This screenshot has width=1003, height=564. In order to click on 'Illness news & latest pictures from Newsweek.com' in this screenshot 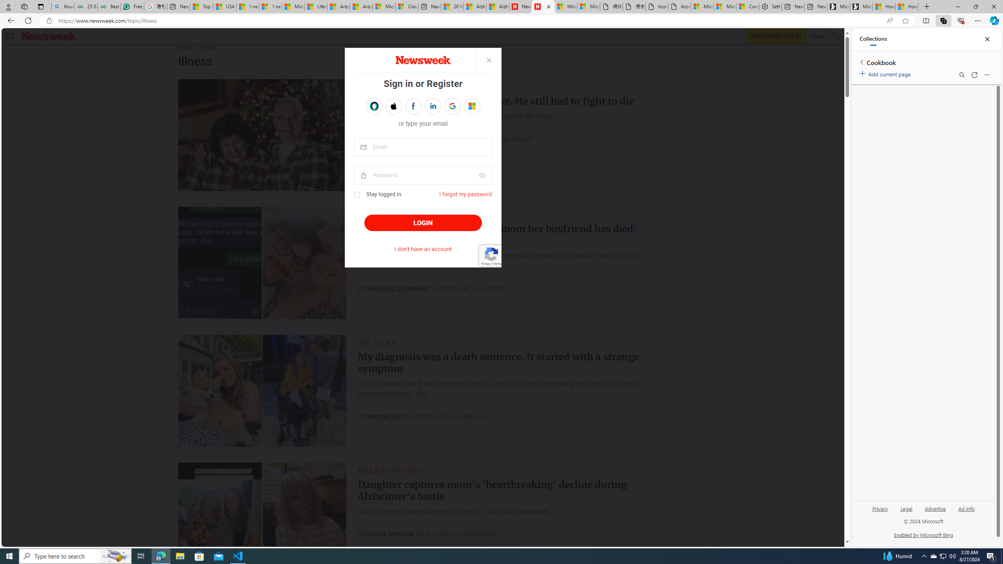, I will do `click(543, 6)`.